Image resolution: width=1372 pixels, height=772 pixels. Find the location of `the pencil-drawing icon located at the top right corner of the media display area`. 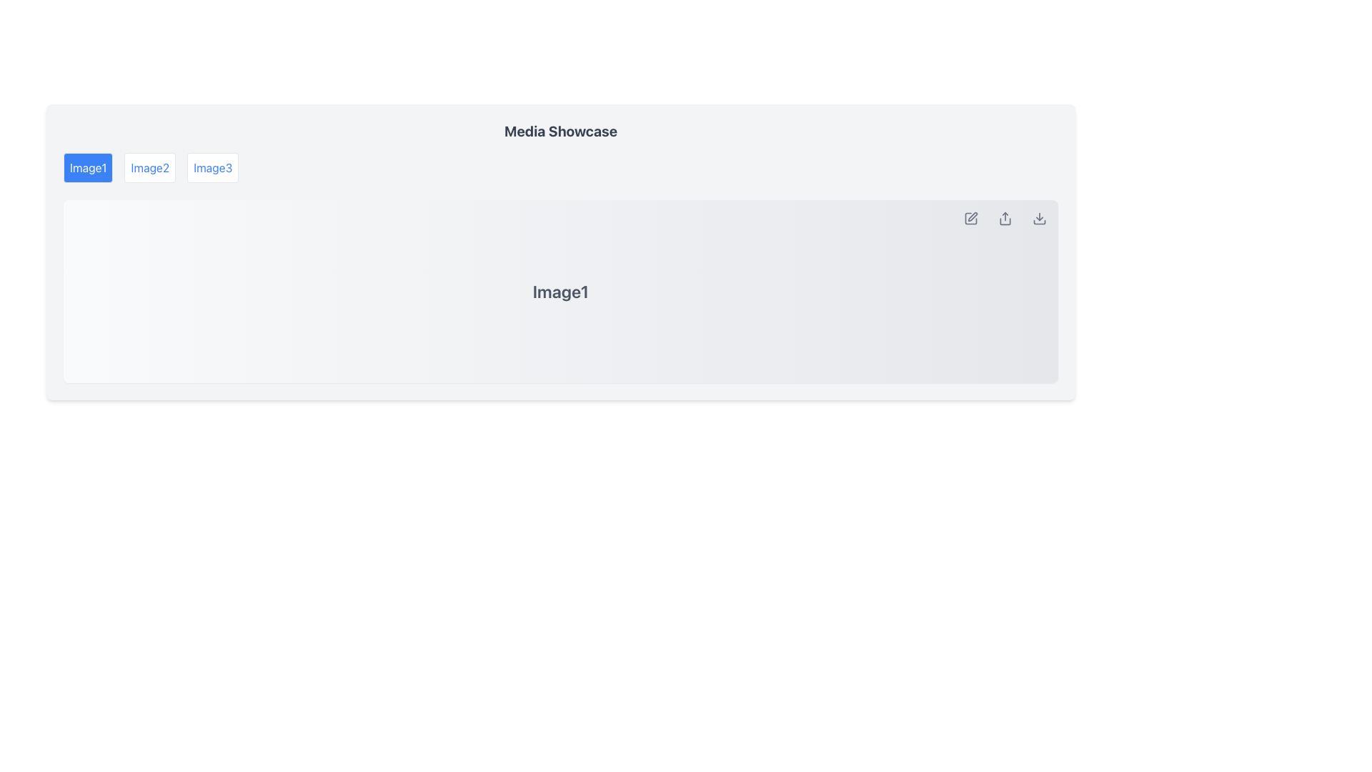

the pencil-drawing icon located at the top right corner of the media display area is located at coordinates (970, 218).